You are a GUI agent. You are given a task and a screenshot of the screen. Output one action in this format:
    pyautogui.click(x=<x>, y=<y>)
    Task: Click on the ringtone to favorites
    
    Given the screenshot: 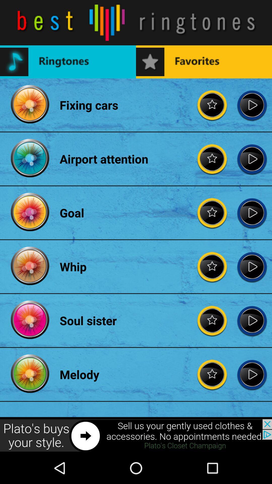 What is the action you would take?
    pyautogui.click(x=212, y=320)
    